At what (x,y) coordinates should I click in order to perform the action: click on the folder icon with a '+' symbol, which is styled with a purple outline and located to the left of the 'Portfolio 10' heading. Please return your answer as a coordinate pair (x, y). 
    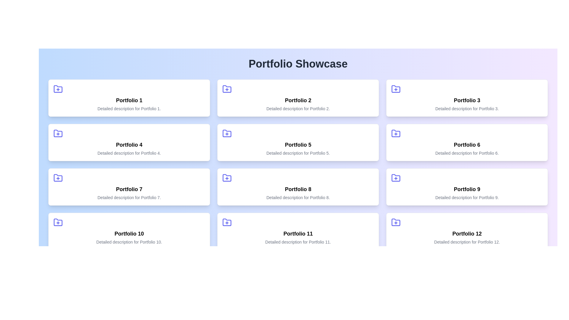
    Looking at the image, I should click on (58, 222).